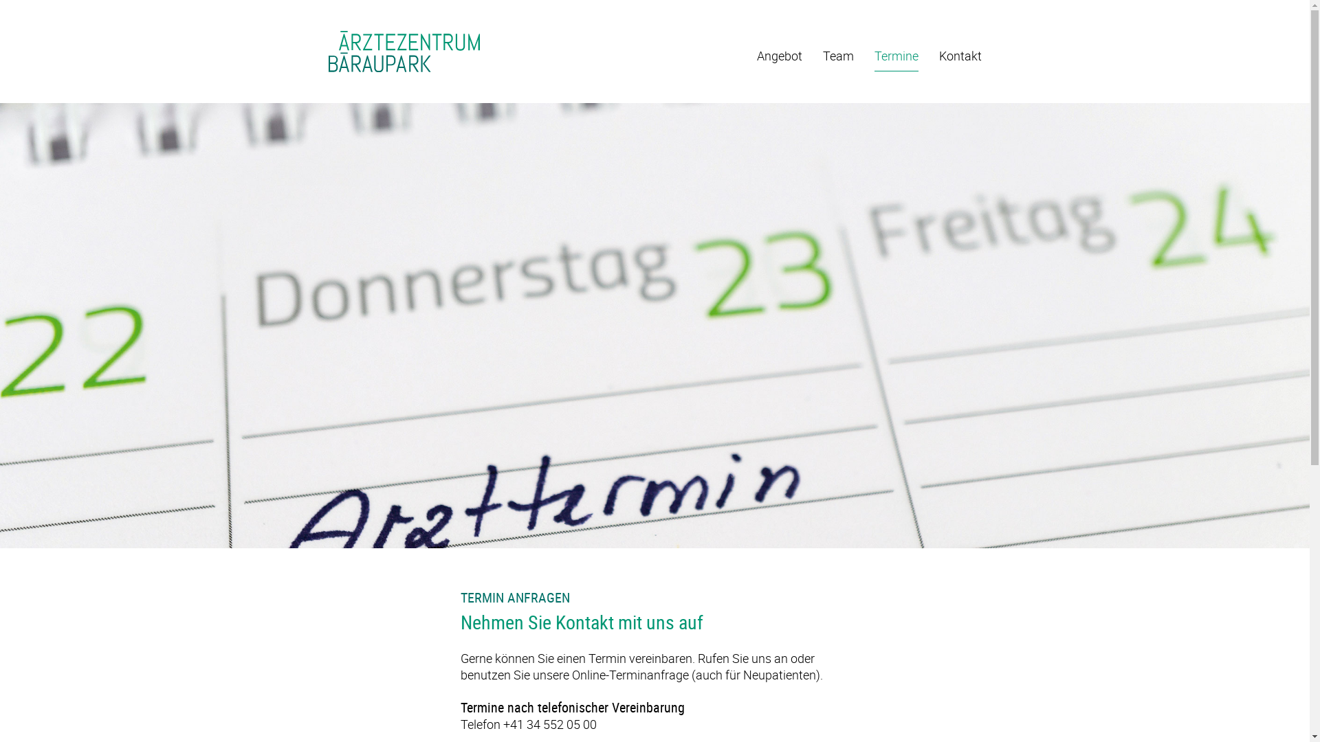  What do you see at coordinates (837, 58) in the screenshot?
I see `'Team'` at bounding box center [837, 58].